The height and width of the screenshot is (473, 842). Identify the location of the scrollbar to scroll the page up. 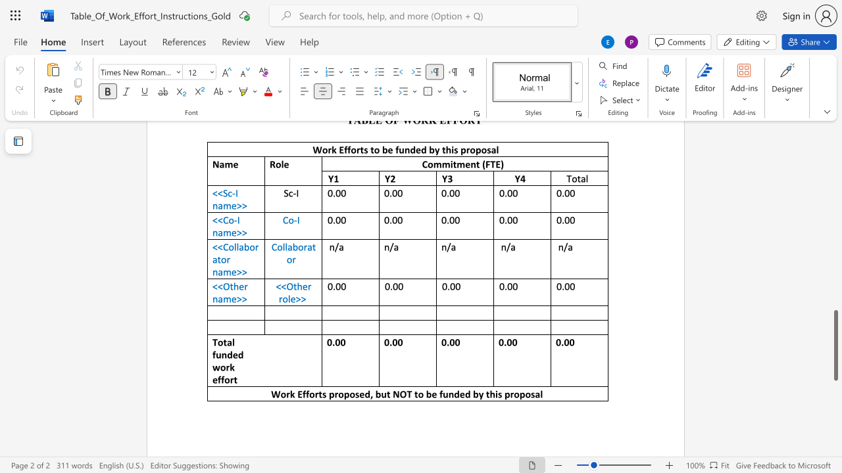
(835, 177).